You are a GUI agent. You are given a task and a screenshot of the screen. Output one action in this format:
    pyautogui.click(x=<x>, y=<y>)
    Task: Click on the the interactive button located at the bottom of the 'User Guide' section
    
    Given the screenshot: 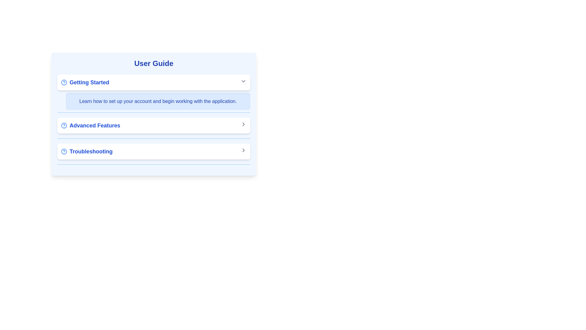 What is the action you would take?
    pyautogui.click(x=154, y=151)
    